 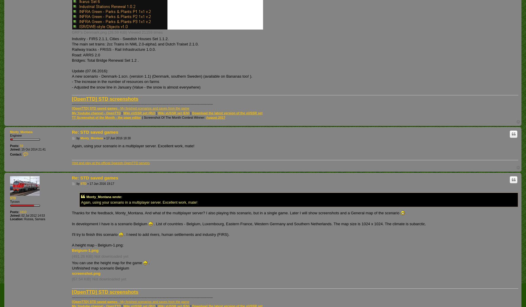 I want to click on 'I'll try to finish this scenario', so click(x=95, y=234).